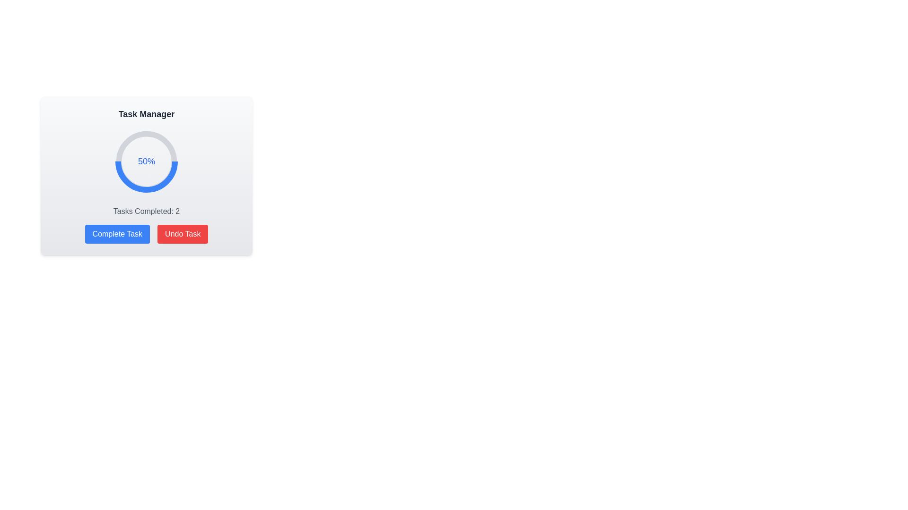 This screenshot has height=510, width=908. I want to click on the second button in the Task Manager section, so click(183, 234).